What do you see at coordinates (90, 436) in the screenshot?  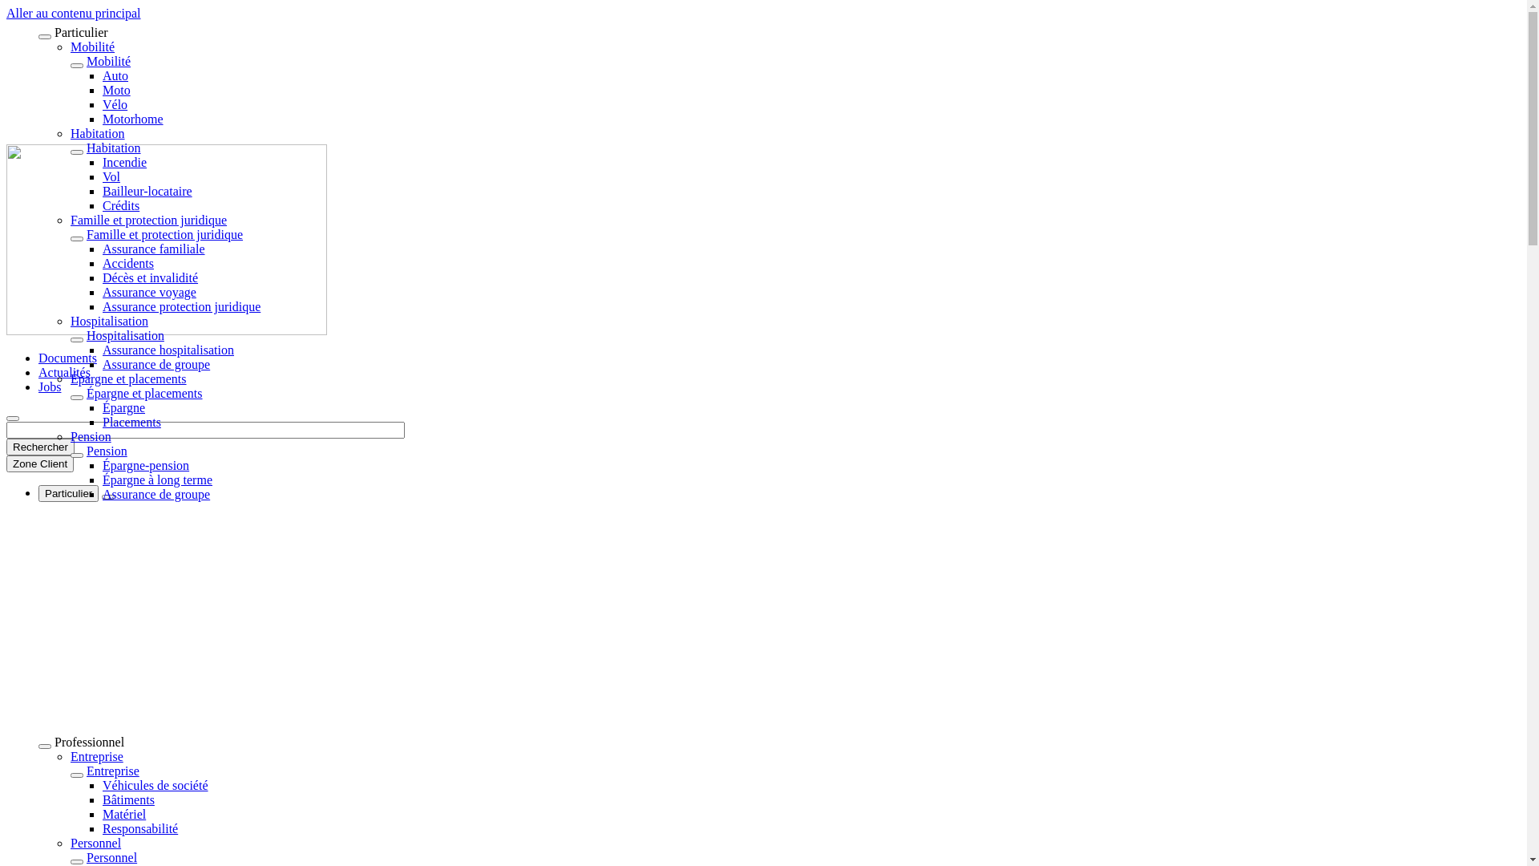 I see `'Pension'` at bounding box center [90, 436].